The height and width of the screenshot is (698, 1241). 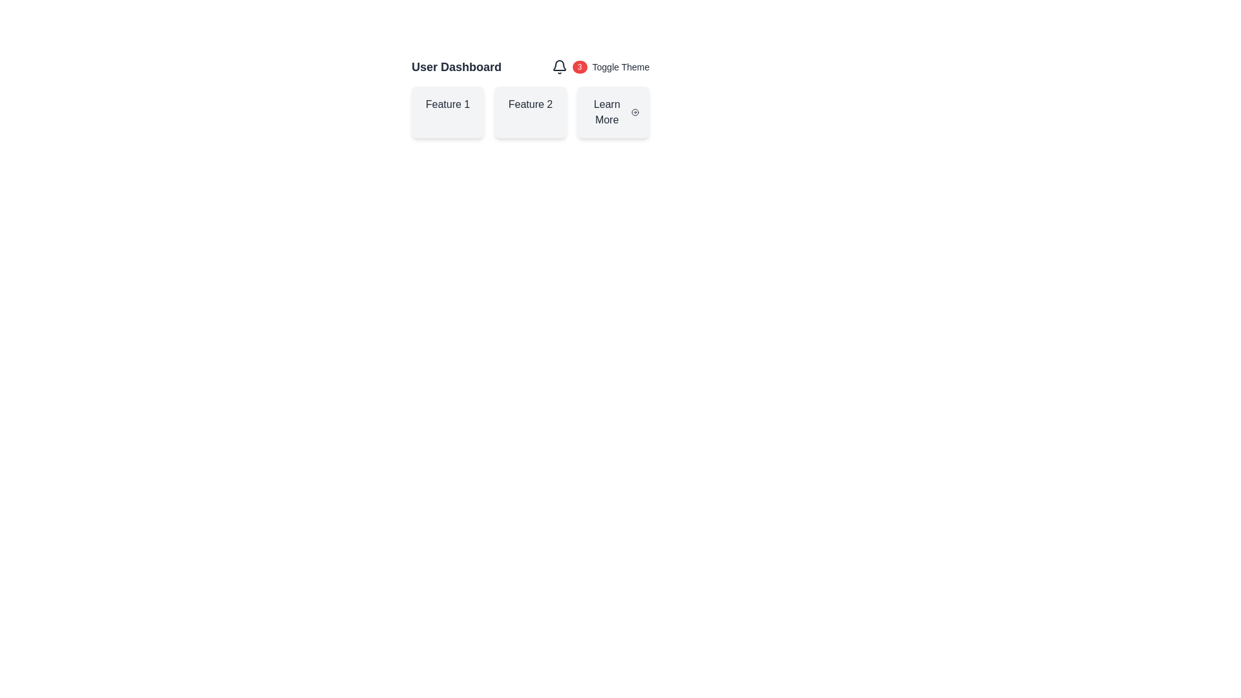 I want to click on the card element representing 'Feature 2' within the dashboard, so click(x=530, y=97).